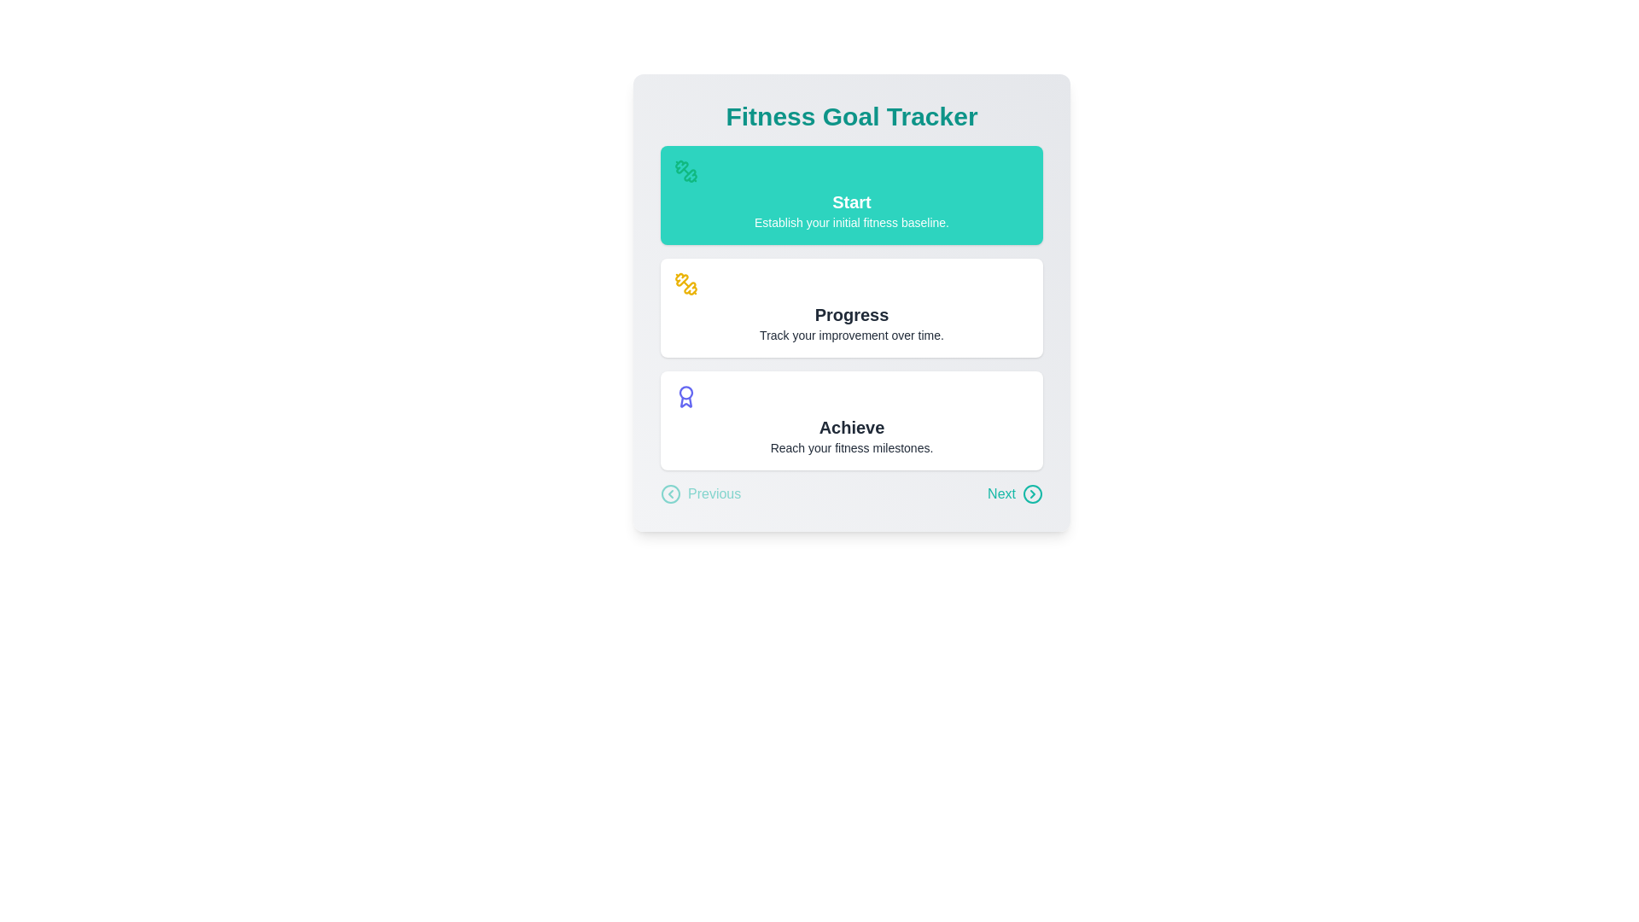 This screenshot has width=1639, height=922. Describe the element at coordinates (852, 116) in the screenshot. I see `the large, bold, teal-blue text heading reading 'Fitness Goal Tracker' located at the top of the fitness goal tracking card` at that location.